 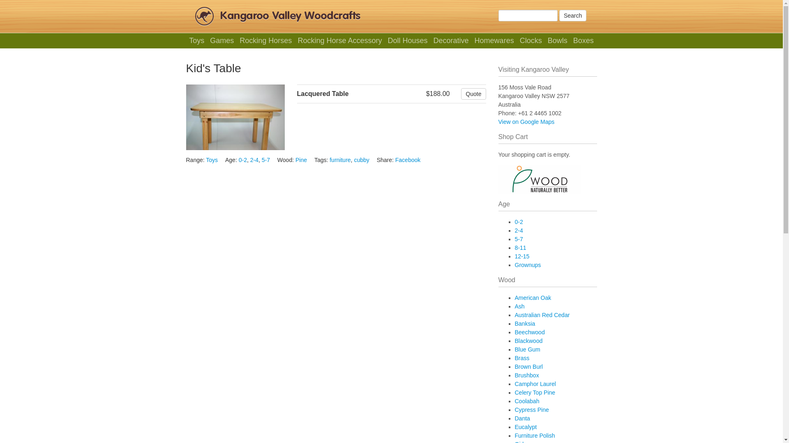 I want to click on 'Banksia', so click(x=514, y=323).